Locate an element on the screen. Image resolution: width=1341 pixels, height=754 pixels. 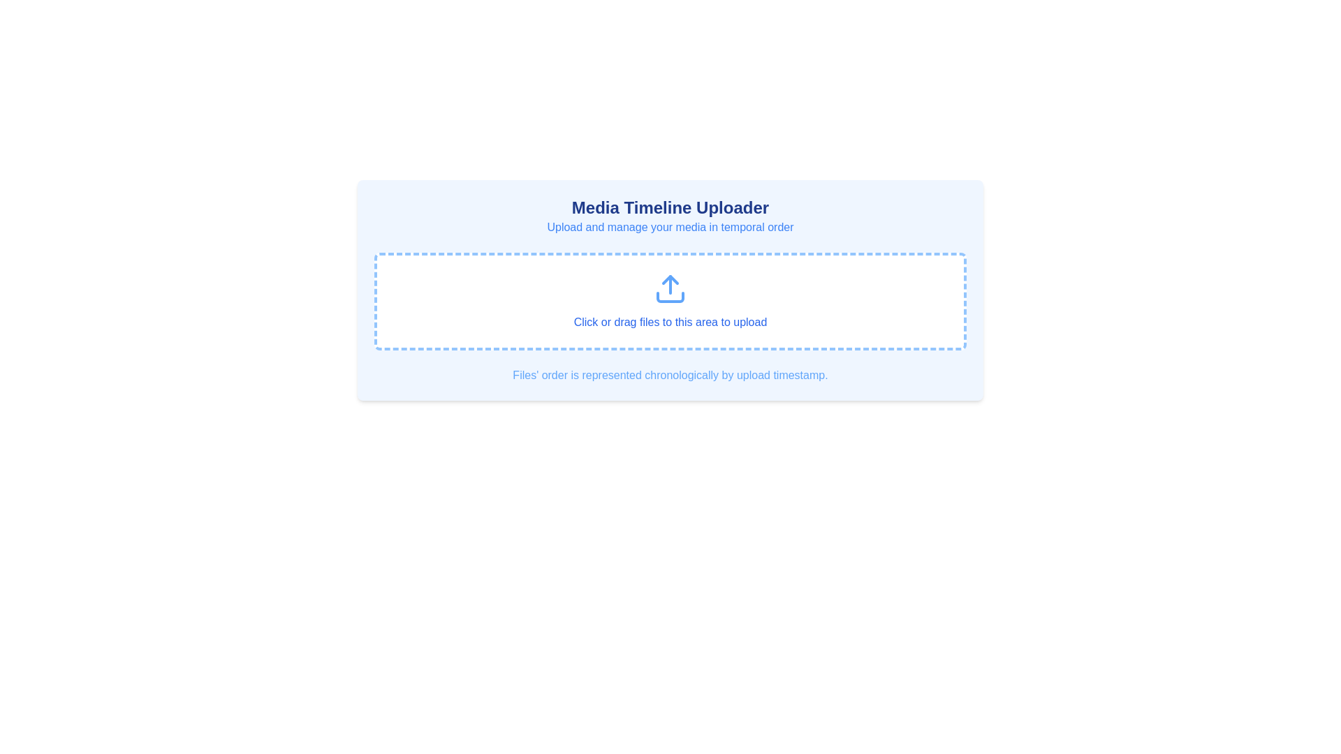
the SVG graphic element representing the upward motion typical of upload symbols, which serves as a visual cue for users regarding the upload functionality is located at coordinates (670, 280).